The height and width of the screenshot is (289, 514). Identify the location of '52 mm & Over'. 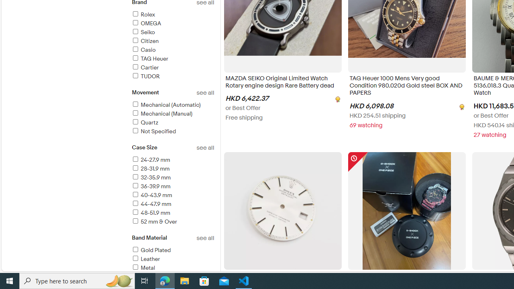
(154, 222).